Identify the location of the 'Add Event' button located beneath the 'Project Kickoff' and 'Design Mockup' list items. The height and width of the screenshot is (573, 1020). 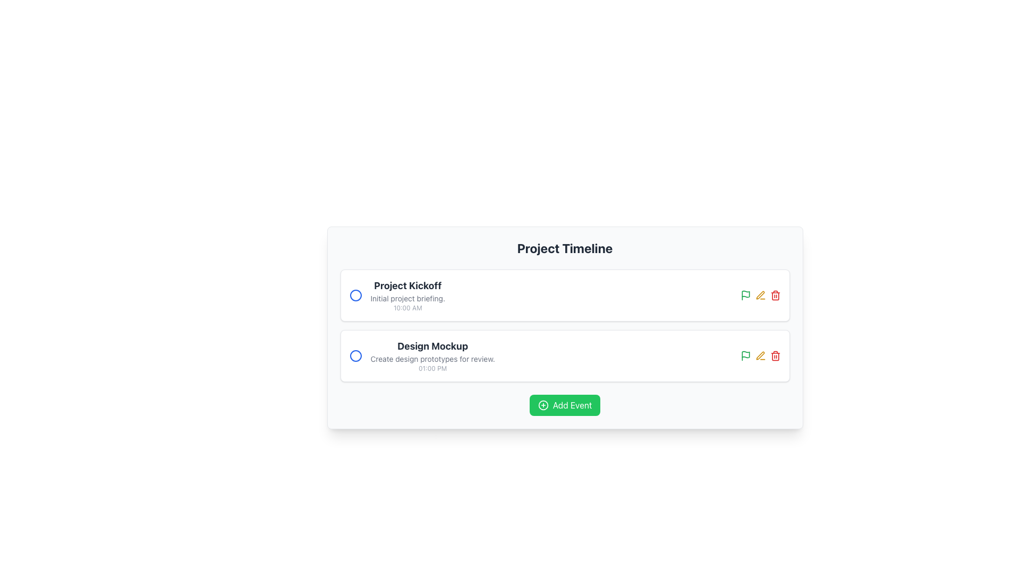
(564, 405).